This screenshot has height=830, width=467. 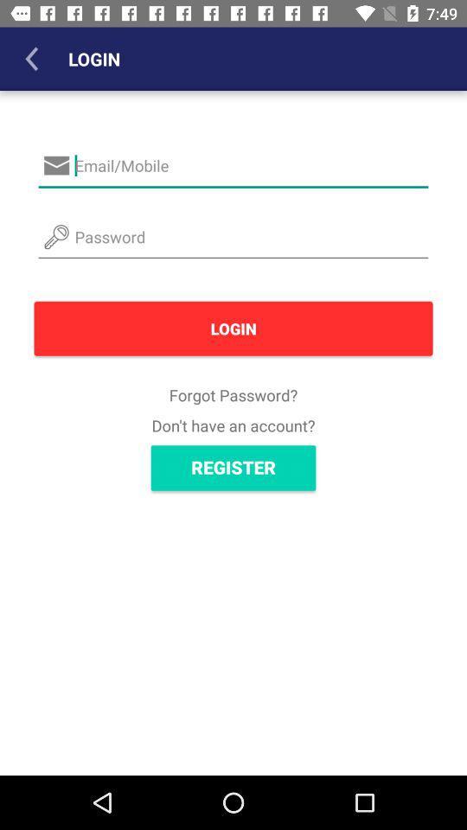 What do you see at coordinates (233, 468) in the screenshot?
I see `the item below don t have icon` at bounding box center [233, 468].